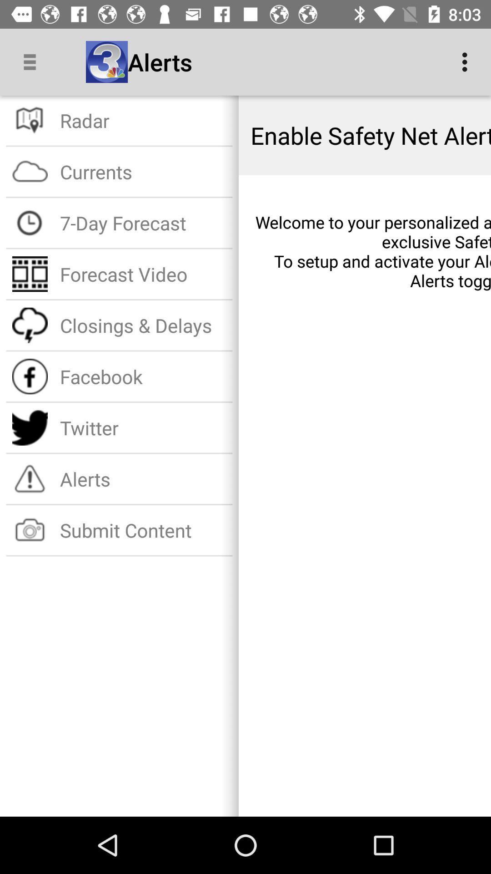 This screenshot has width=491, height=874. Describe the element at coordinates (143, 530) in the screenshot. I see `the submit content` at that location.